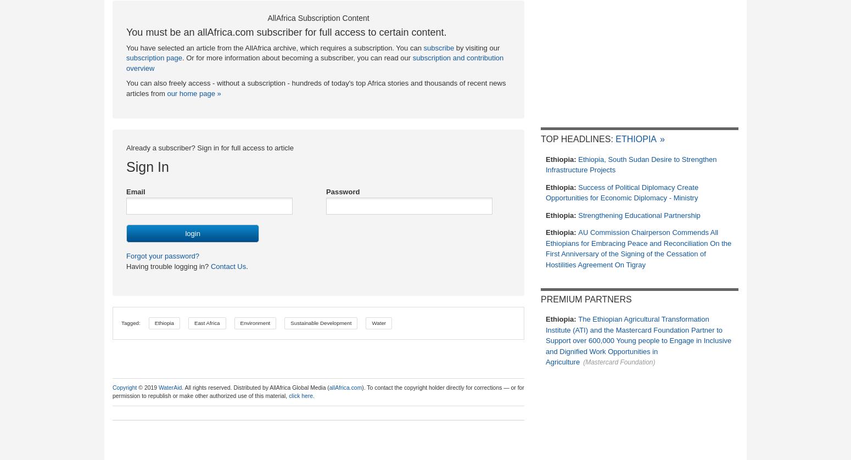 Image resolution: width=851 pixels, height=460 pixels. I want to click on 'allAfrica.com', so click(344, 386).